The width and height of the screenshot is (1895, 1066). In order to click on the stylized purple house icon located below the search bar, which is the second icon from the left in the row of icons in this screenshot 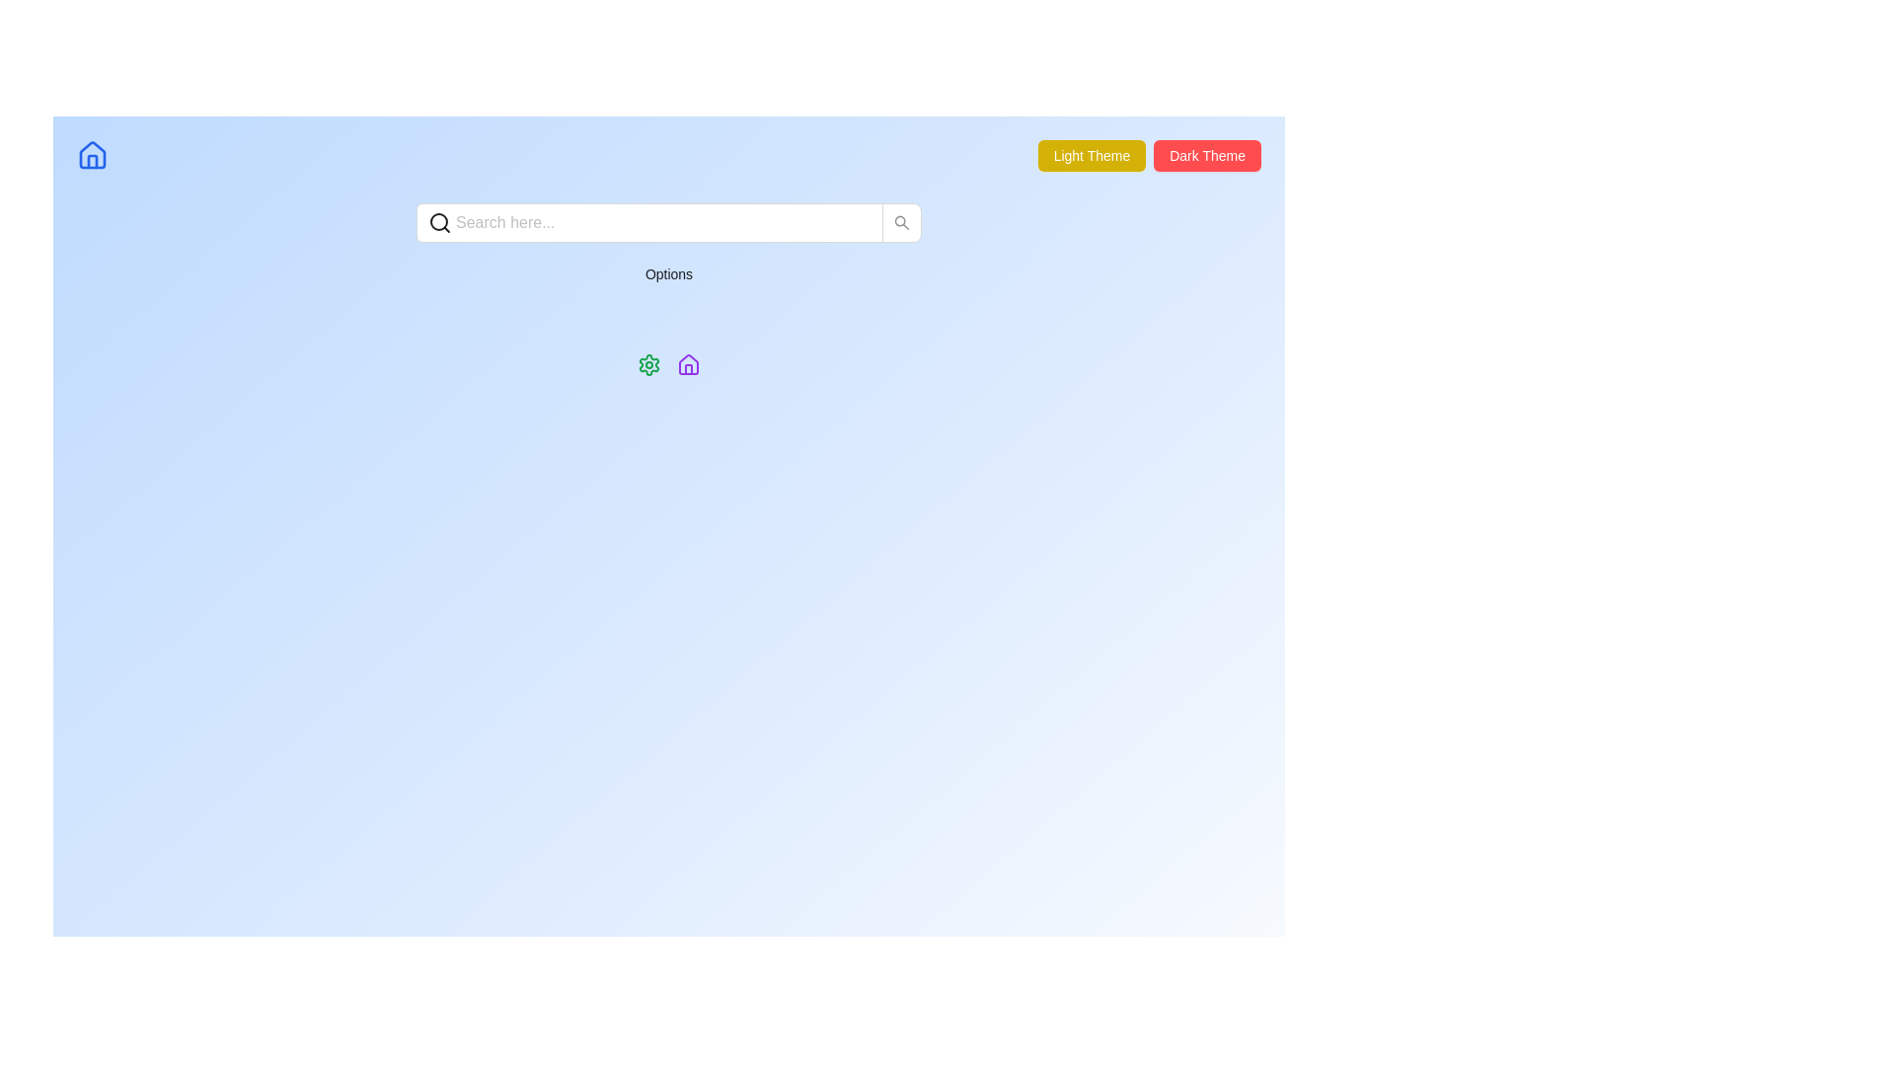, I will do `click(688, 365)`.